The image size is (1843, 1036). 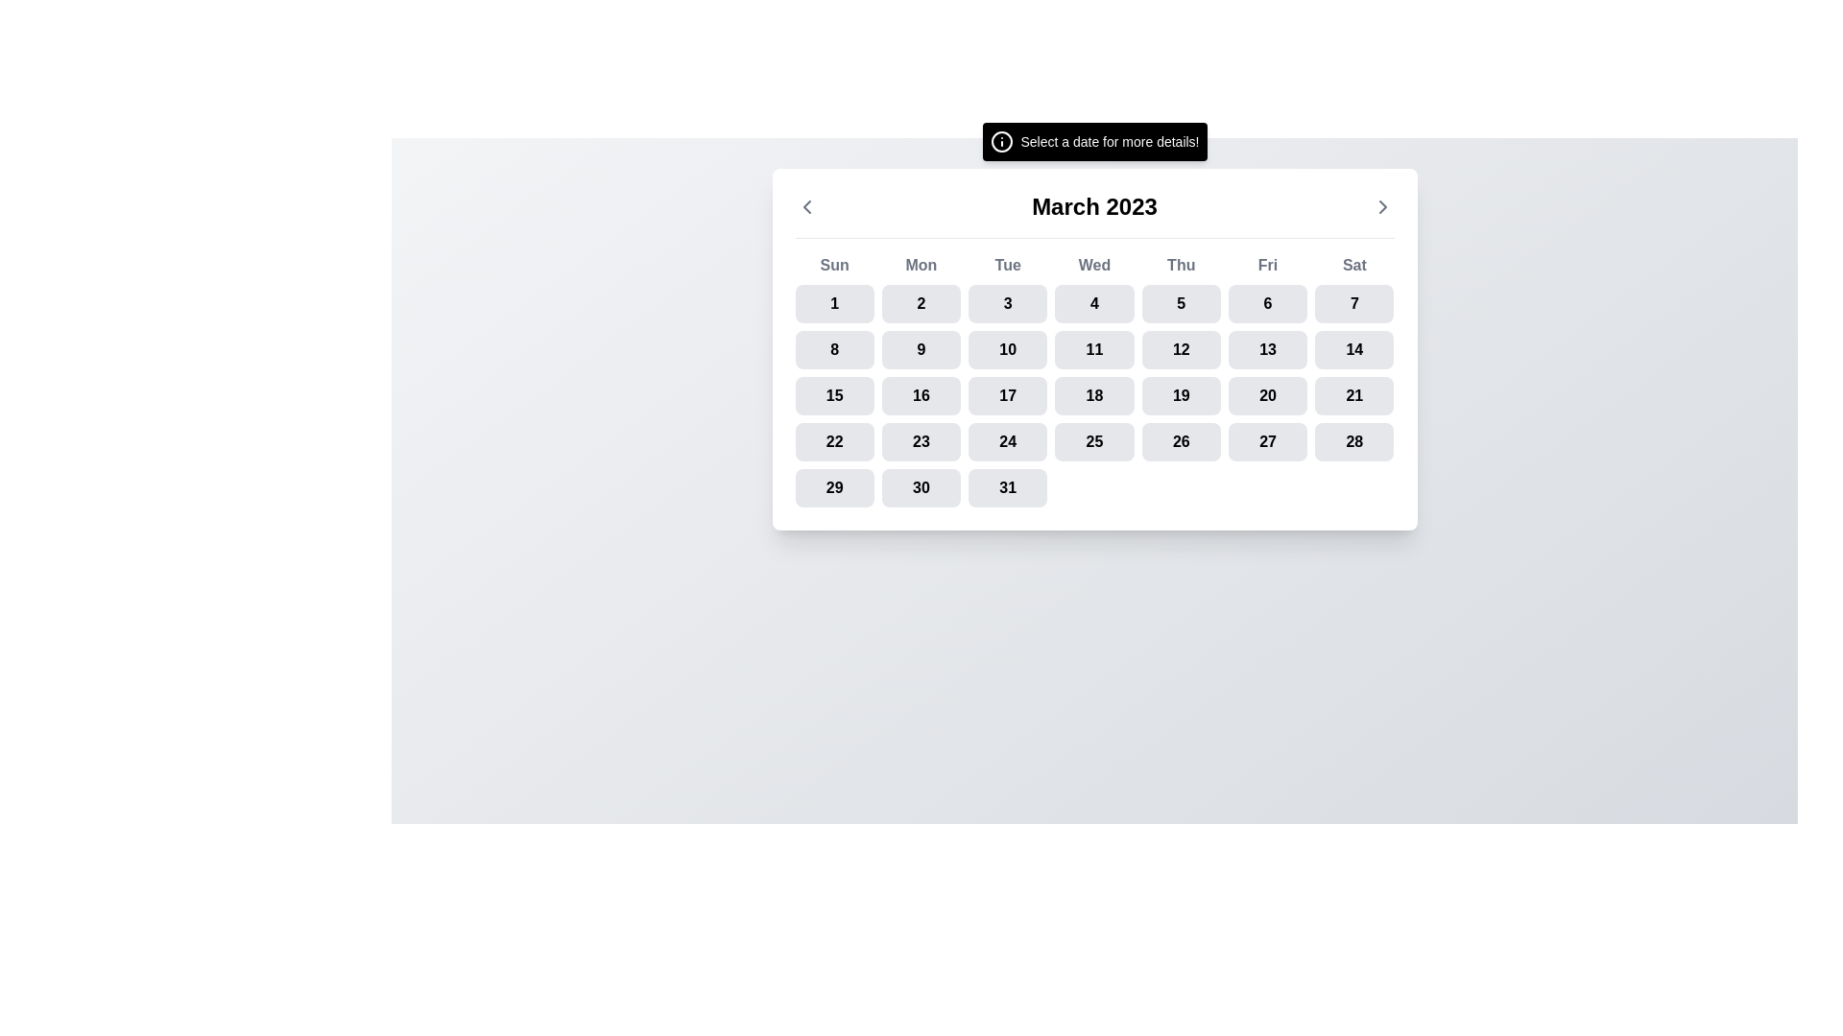 What do you see at coordinates (921, 394) in the screenshot?
I see `the date selection button for '16' in the calendar grid` at bounding box center [921, 394].